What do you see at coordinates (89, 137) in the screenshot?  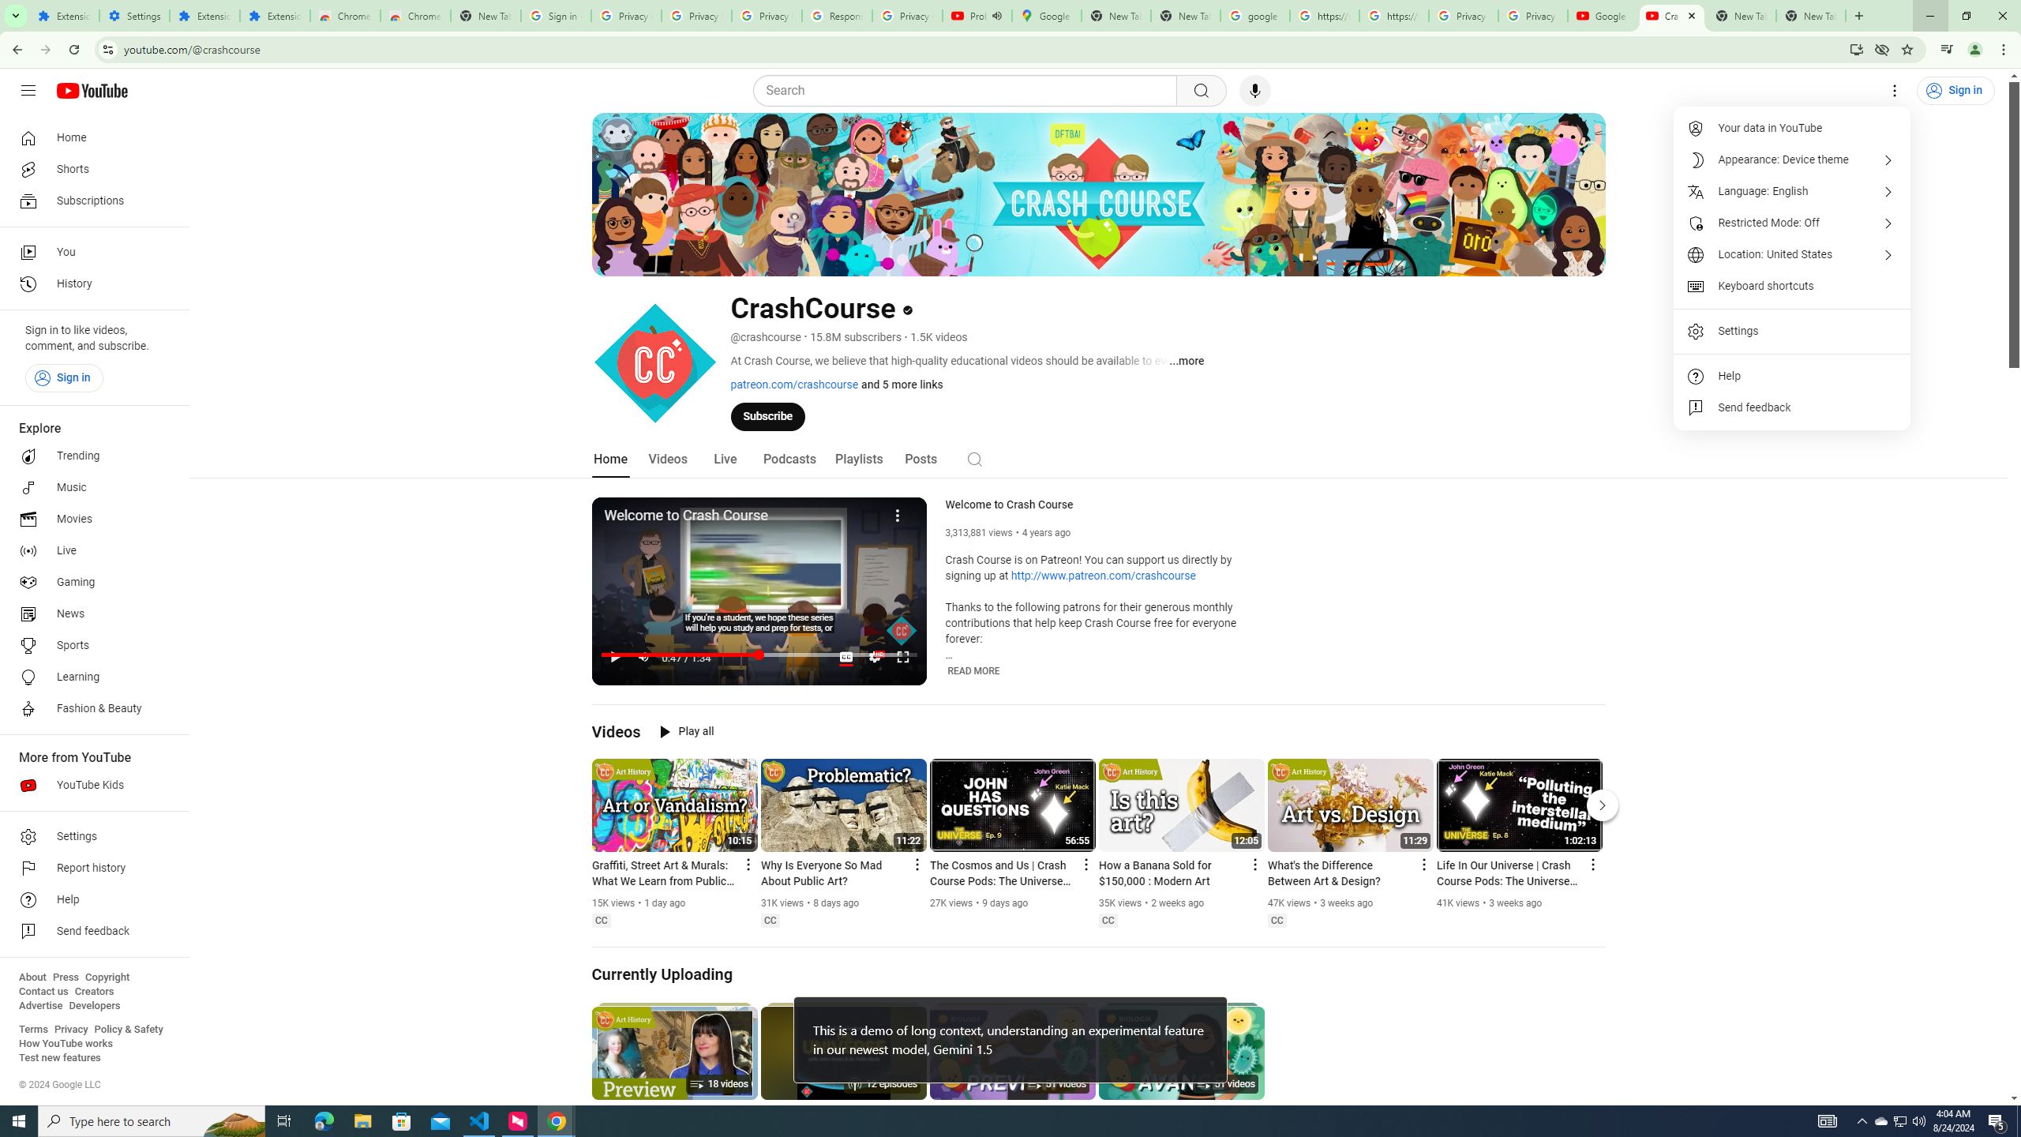 I see `'Home'` at bounding box center [89, 137].